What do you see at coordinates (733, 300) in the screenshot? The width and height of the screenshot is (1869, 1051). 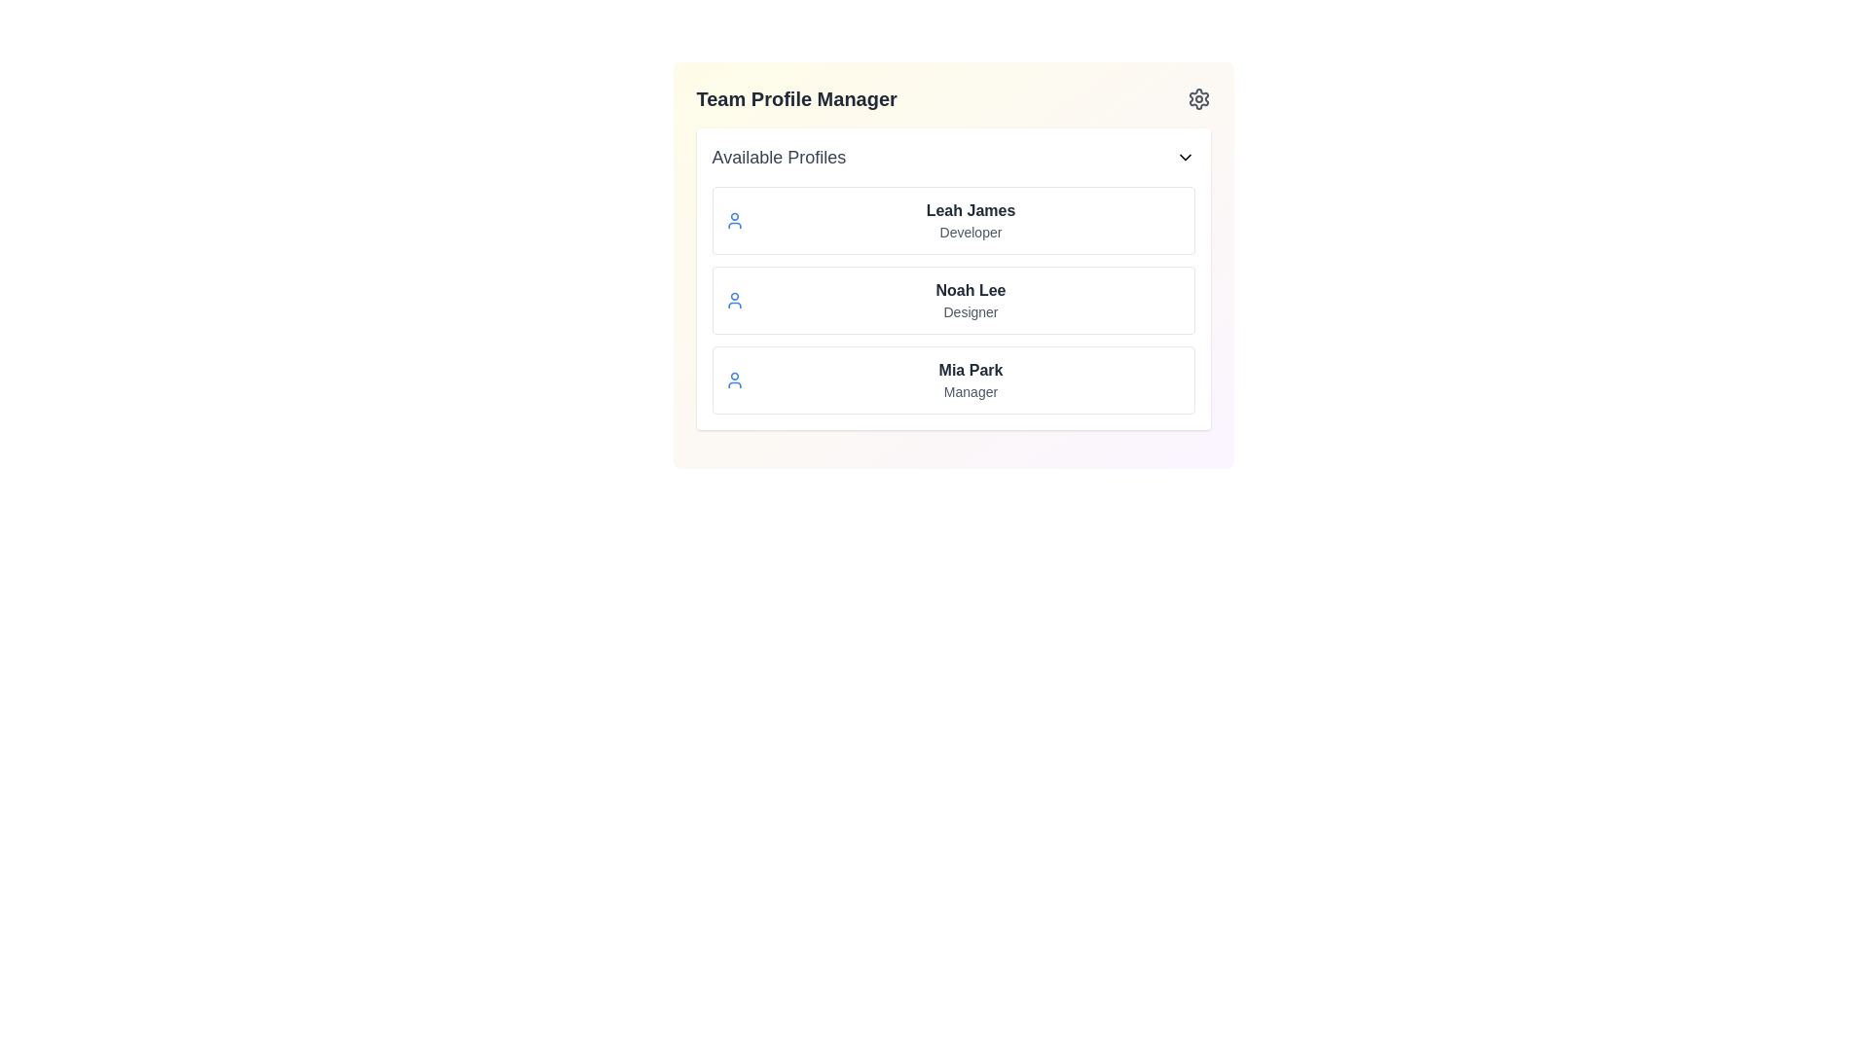 I see `the user profile icon representing 'Noah Lee' located in the 'Available Profiles' section, positioned to the left of the name and title text 'Noah Lee Designer'` at bounding box center [733, 300].